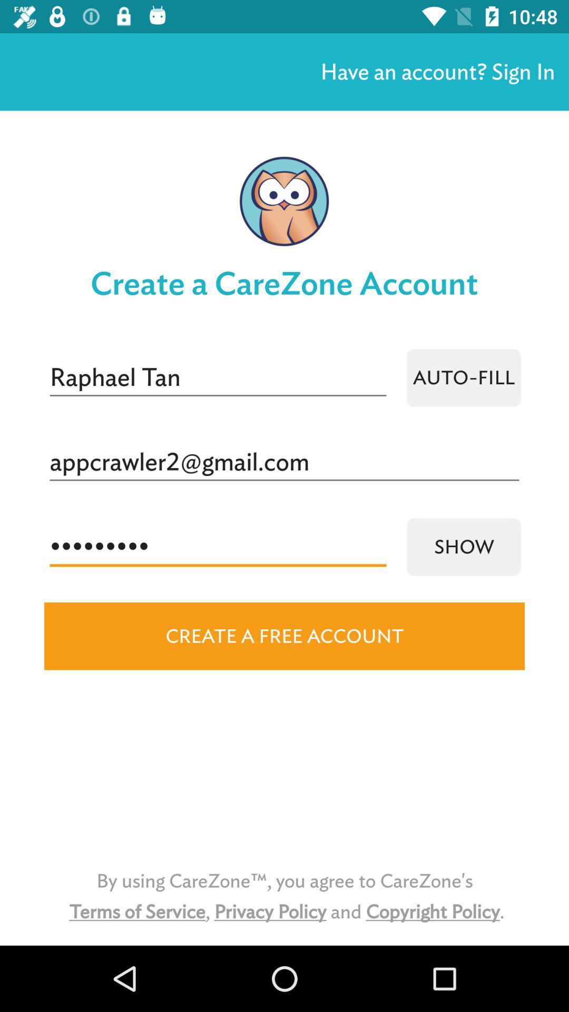 The width and height of the screenshot is (569, 1012). I want to click on by using carezone, so click(284, 896).